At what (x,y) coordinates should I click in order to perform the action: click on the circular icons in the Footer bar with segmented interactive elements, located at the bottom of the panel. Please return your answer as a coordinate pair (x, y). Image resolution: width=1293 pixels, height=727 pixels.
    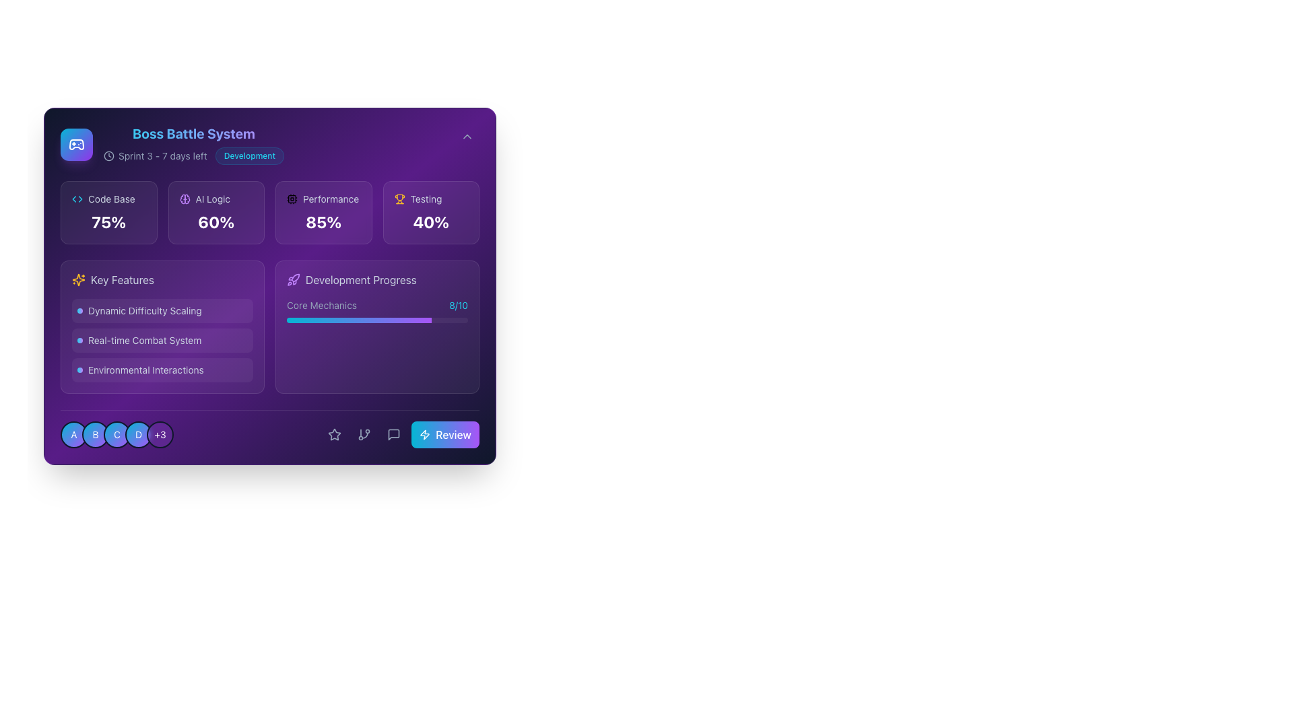
    Looking at the image, I should click on (269, 429).